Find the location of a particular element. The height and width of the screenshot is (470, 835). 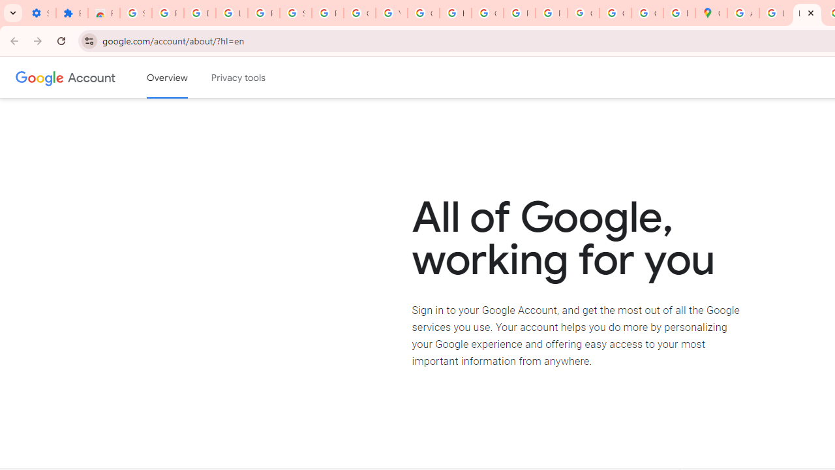

'Delete photos & videos - Computer - Google Photos Help' is located at coordinates (199, 13).